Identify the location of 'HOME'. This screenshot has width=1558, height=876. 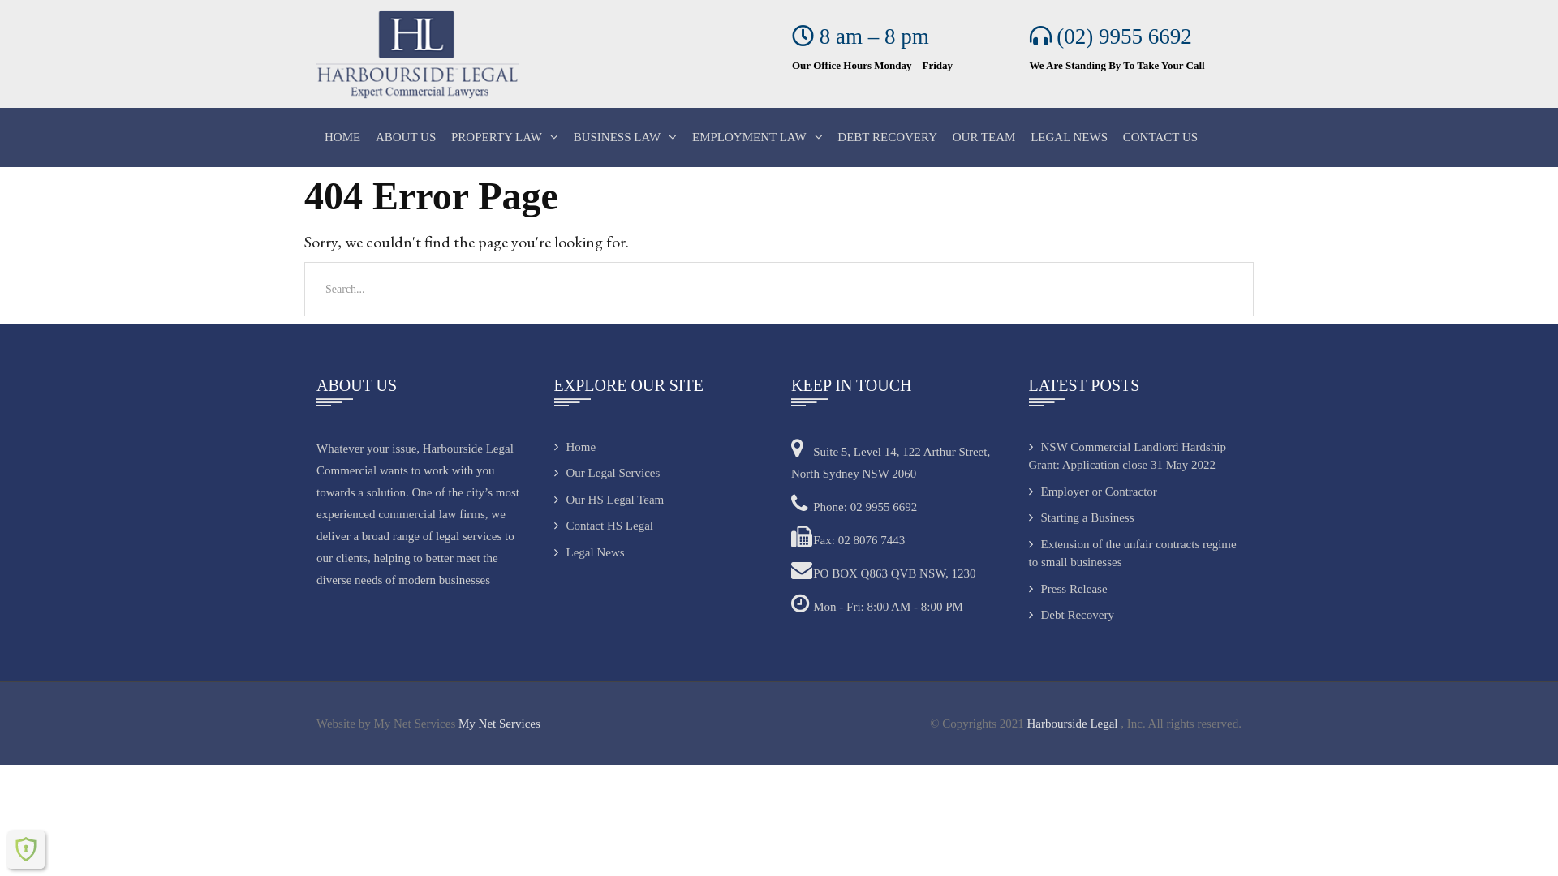
(316, 136).